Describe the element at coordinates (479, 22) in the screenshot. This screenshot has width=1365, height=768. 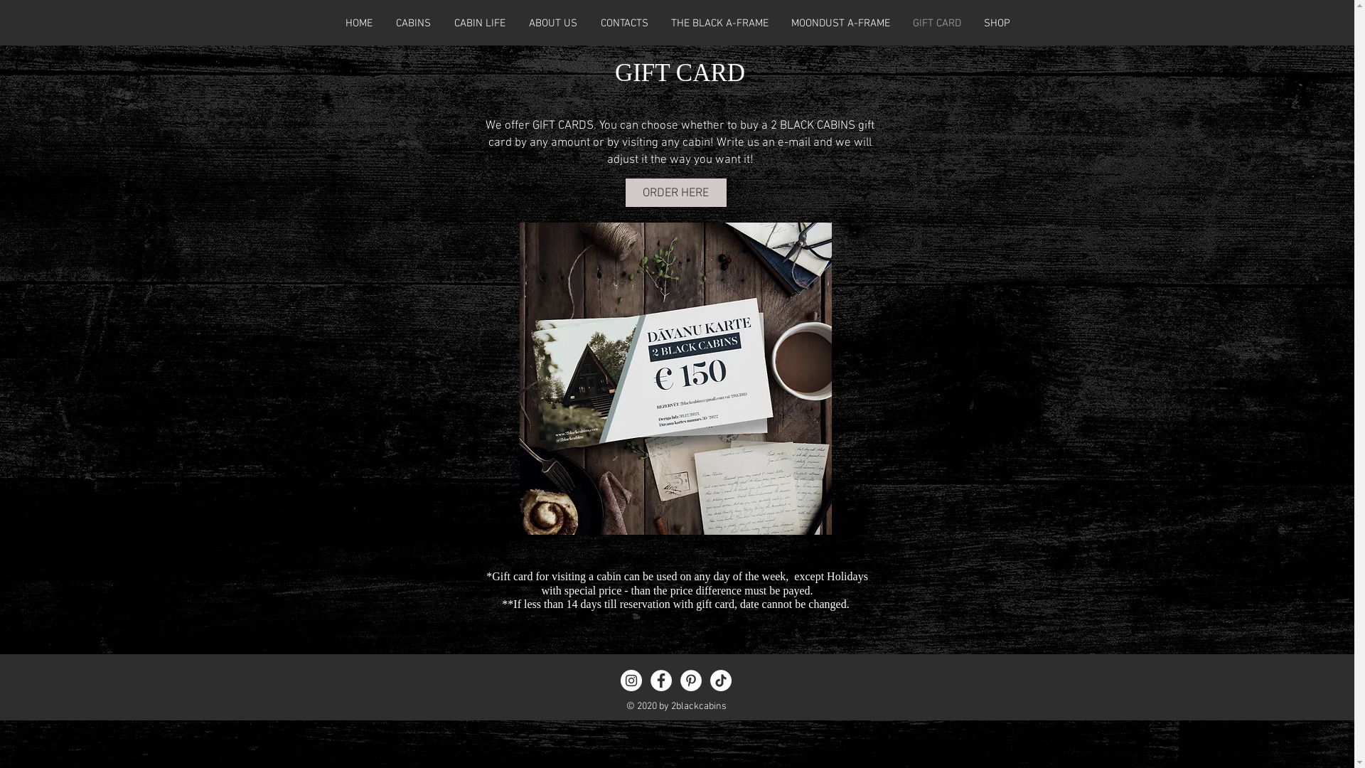
I see `'CABIN LIFE'` at that location.